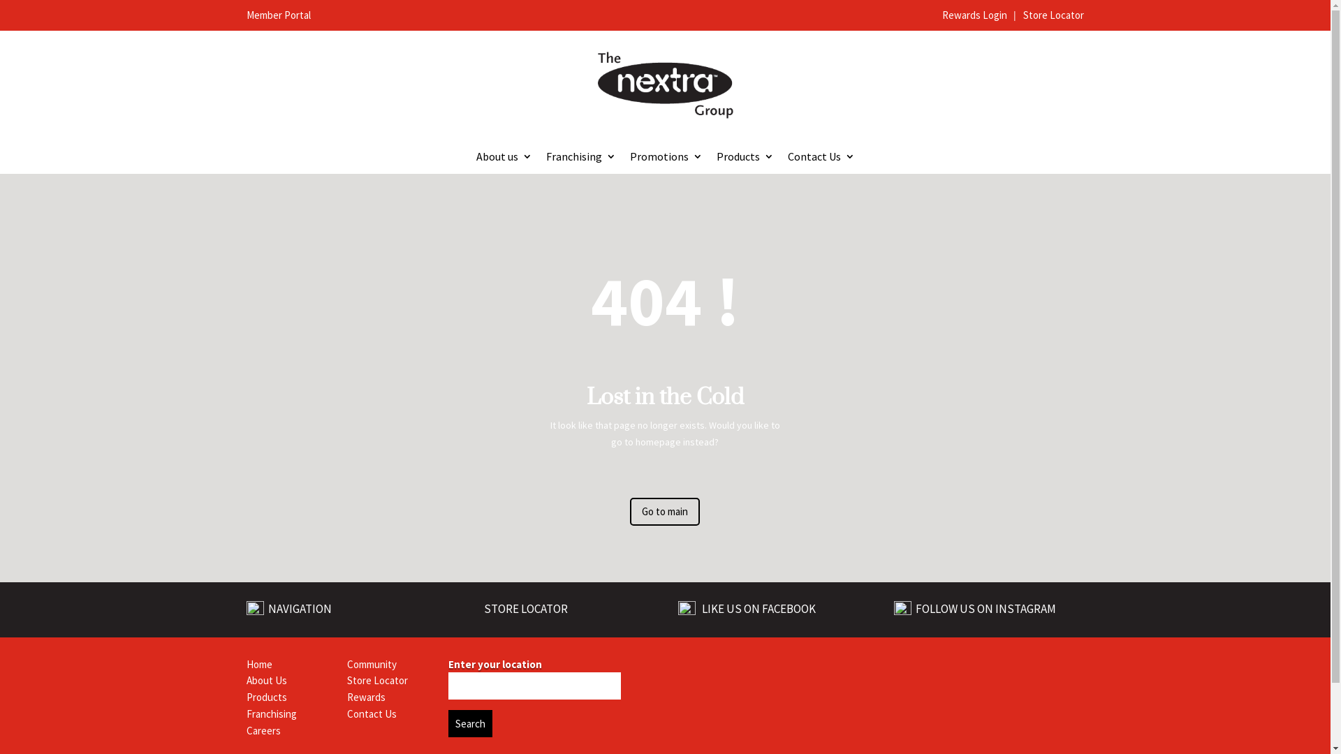  Describe the element at coordinates (744, 158) in the screenshot. I see `'Products'` at that location.